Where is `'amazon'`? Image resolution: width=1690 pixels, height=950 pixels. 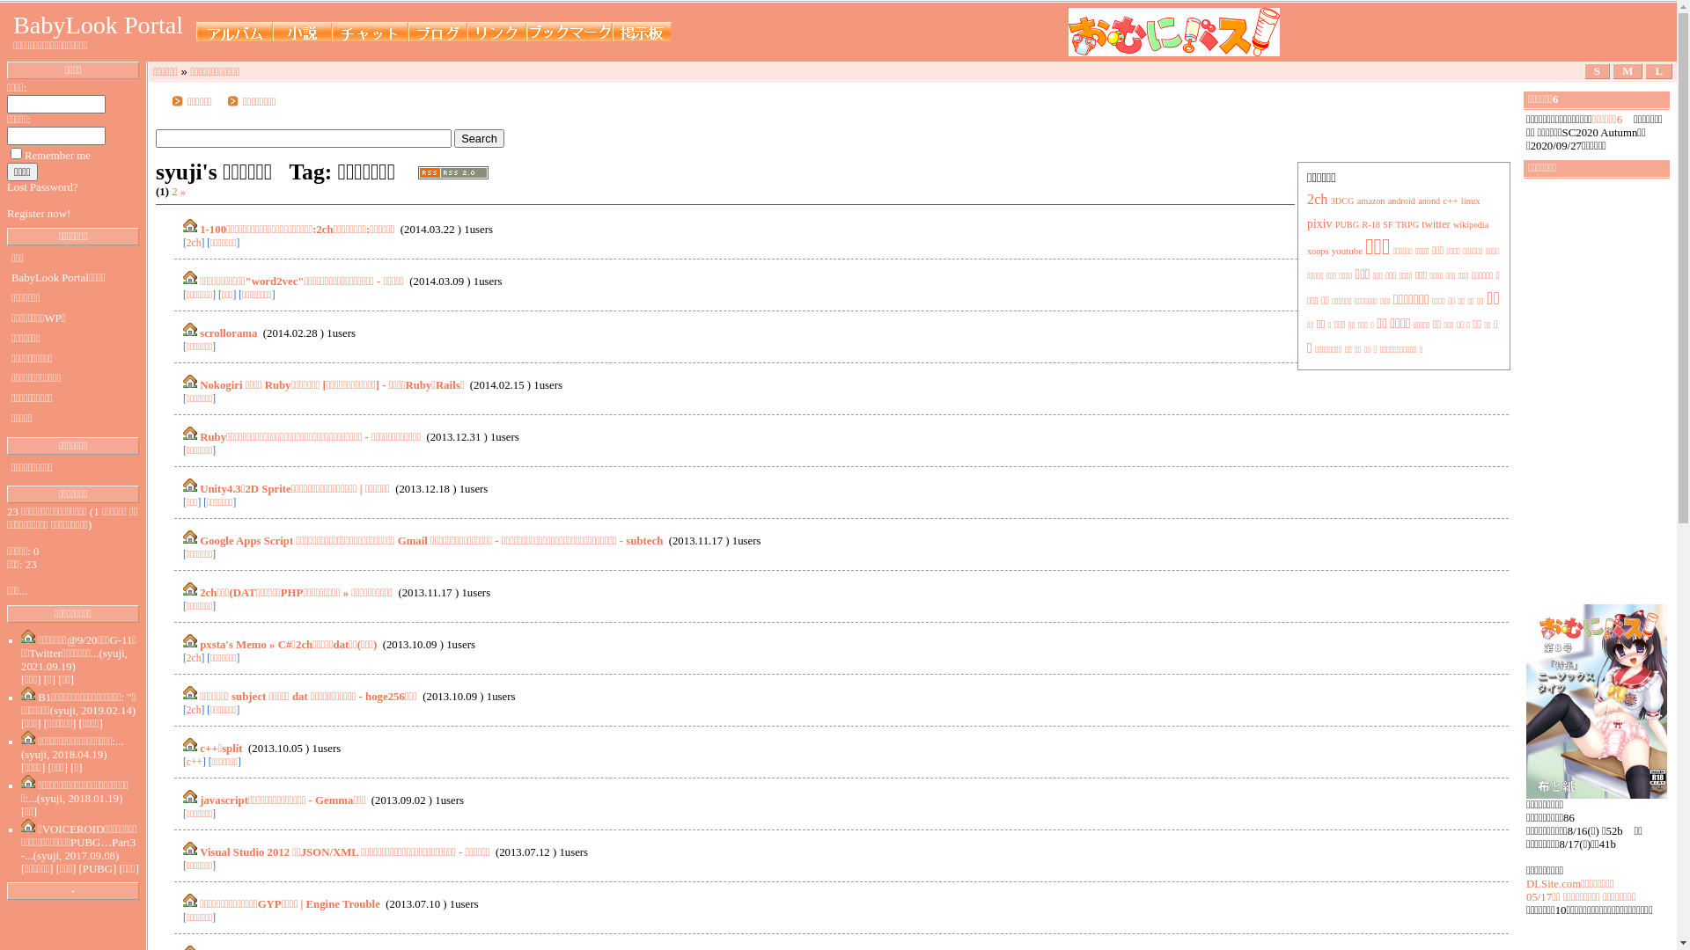
'amazon' is located at coordinates (1356, 200).